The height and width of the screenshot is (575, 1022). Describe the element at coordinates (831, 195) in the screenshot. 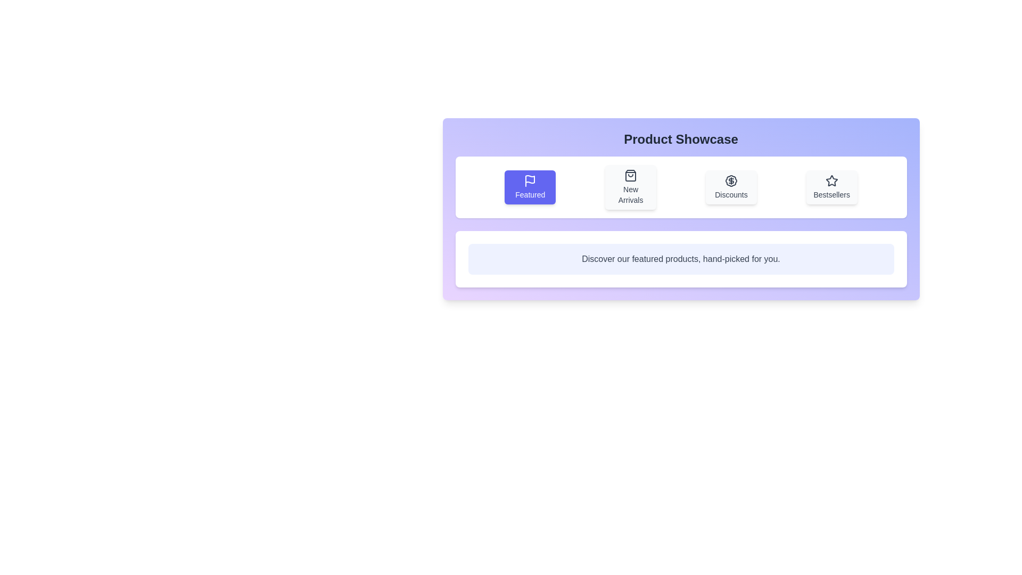

I see `the 'Bestsellers' text label` at that location.